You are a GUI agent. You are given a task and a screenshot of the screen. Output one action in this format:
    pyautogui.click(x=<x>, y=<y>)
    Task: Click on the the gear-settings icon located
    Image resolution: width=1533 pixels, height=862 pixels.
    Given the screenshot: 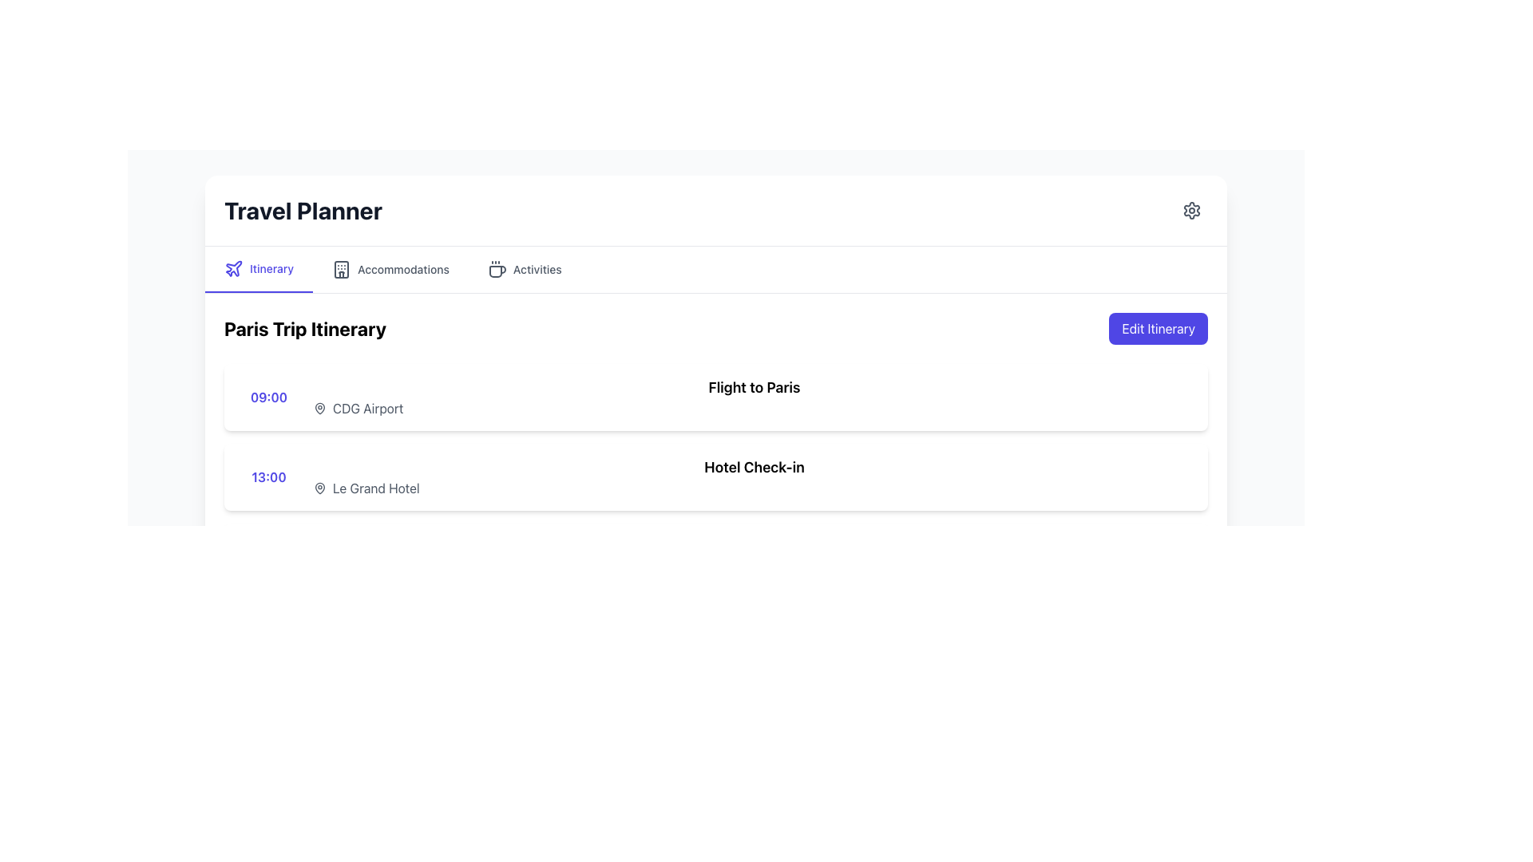 What is the action you would take?
    pyautogui.click(x=1191, y=209)
    